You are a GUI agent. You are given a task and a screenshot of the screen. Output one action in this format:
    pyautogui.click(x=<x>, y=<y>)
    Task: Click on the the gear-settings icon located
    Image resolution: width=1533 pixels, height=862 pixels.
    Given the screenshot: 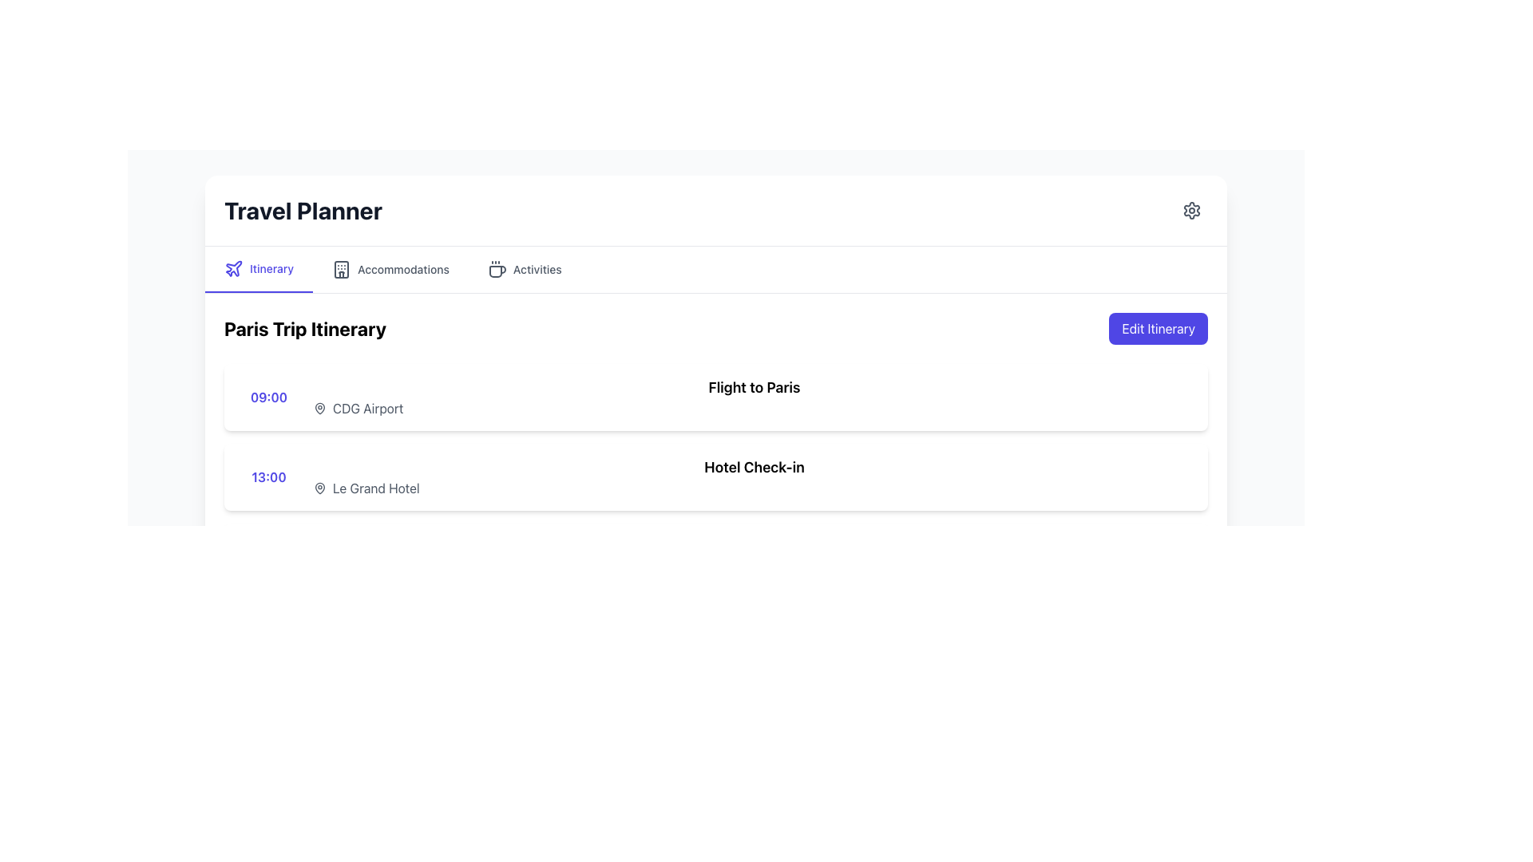 What is the action you would take?
    pyautogui.click(x=1191, y=209)
    